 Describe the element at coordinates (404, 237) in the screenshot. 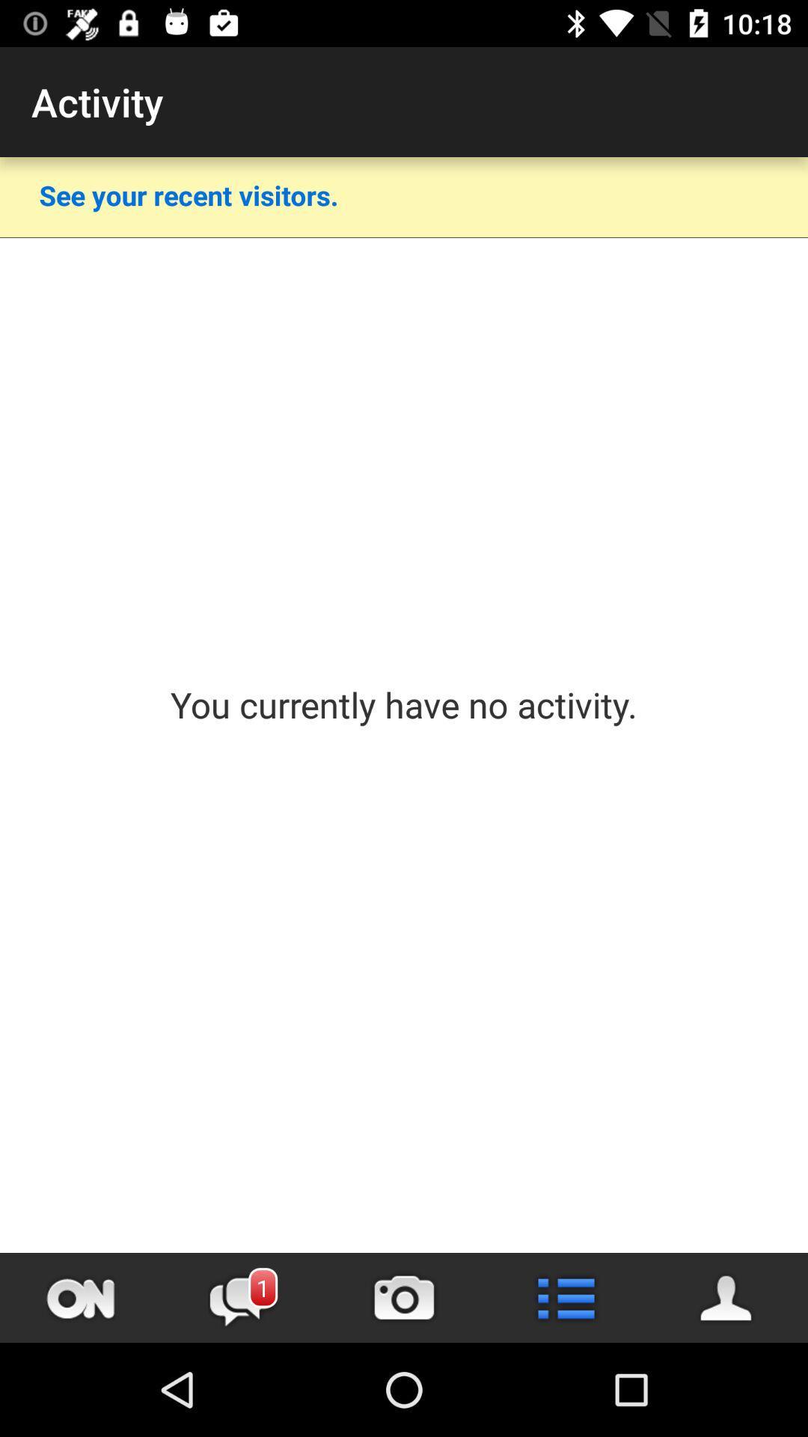

I see `item below see your recent icon` at that location.